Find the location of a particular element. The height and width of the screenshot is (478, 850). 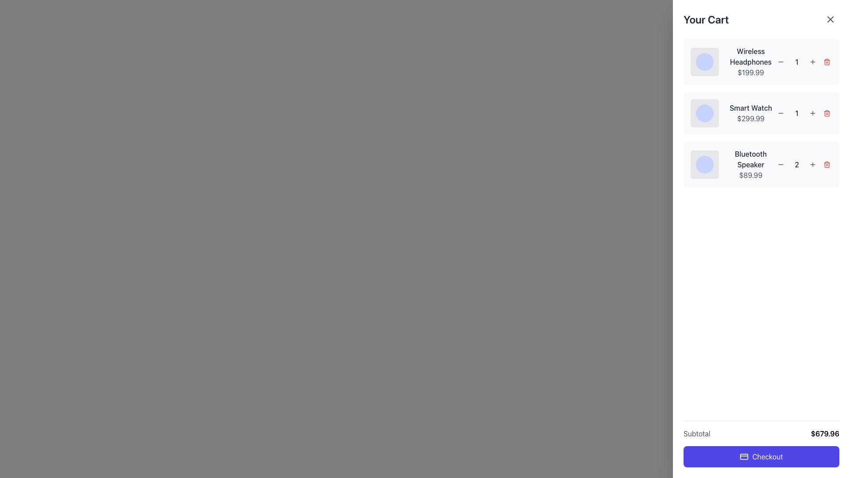

the price display element showing '$89.99' in bold gray text, located below the product name 'Bluetooth Speaker' in the shopping cart interface is located at coordinates (750, 175).